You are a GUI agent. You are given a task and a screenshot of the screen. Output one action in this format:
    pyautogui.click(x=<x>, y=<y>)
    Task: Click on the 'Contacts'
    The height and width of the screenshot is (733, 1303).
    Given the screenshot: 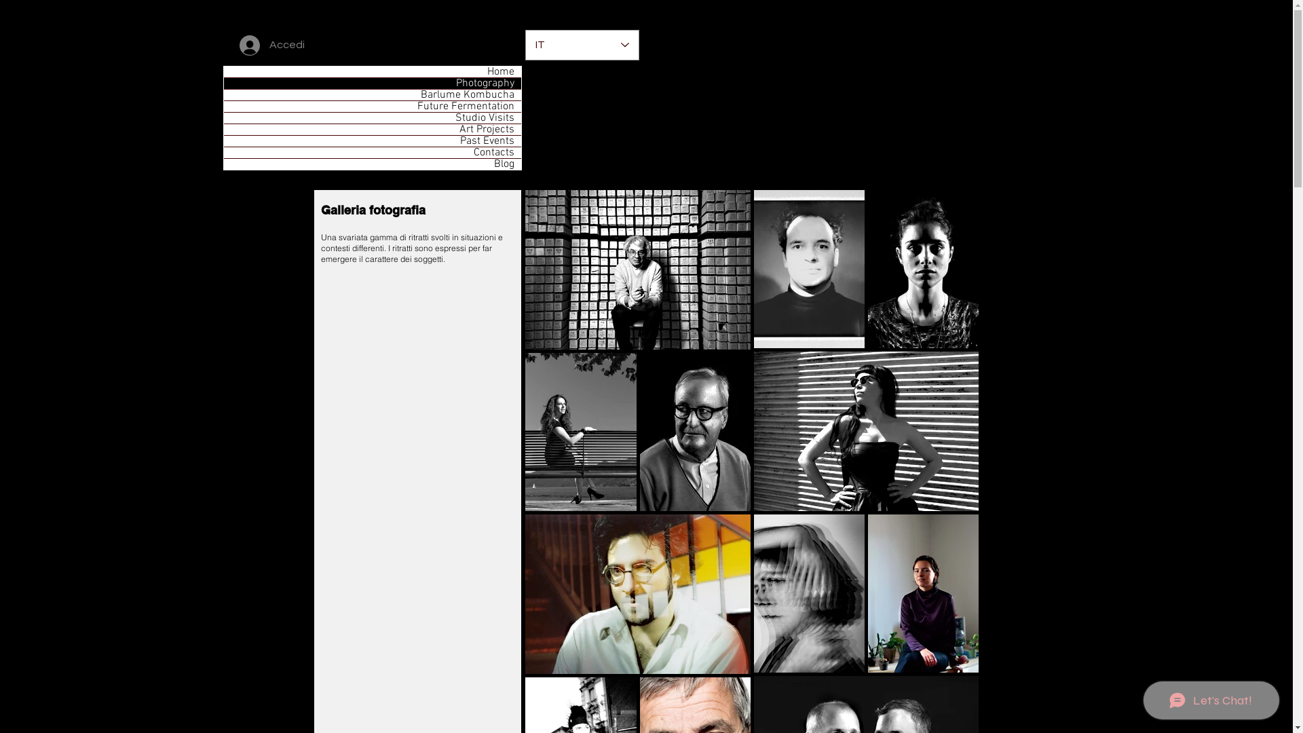 What is the action you would take?
    pyautogui.click(x=372, y=152)
    